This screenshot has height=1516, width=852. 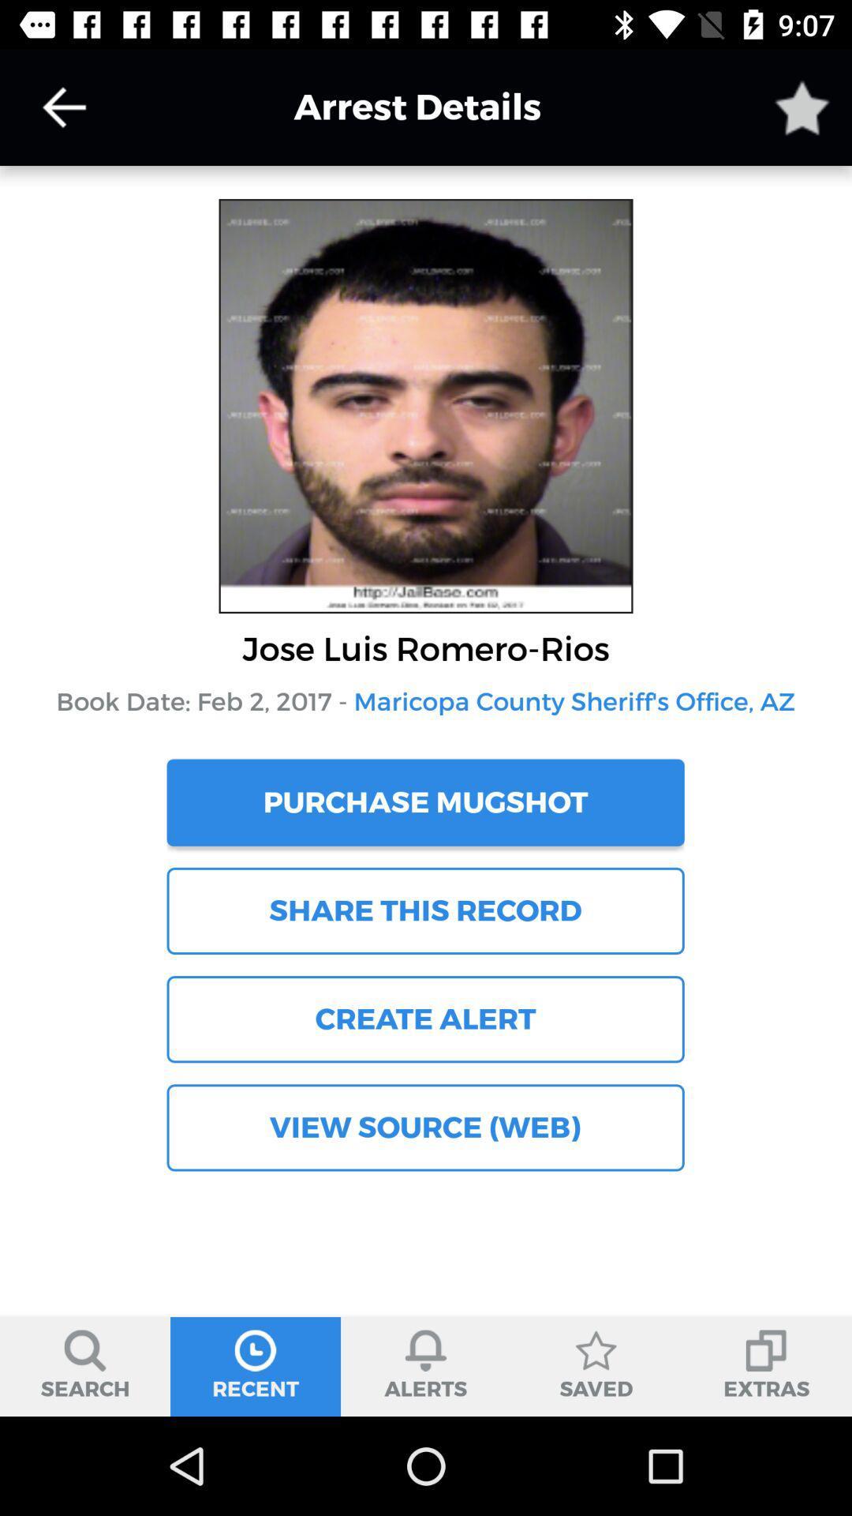 I want to click on the icon above the jose luis romero item, so click(x=63, y=107).